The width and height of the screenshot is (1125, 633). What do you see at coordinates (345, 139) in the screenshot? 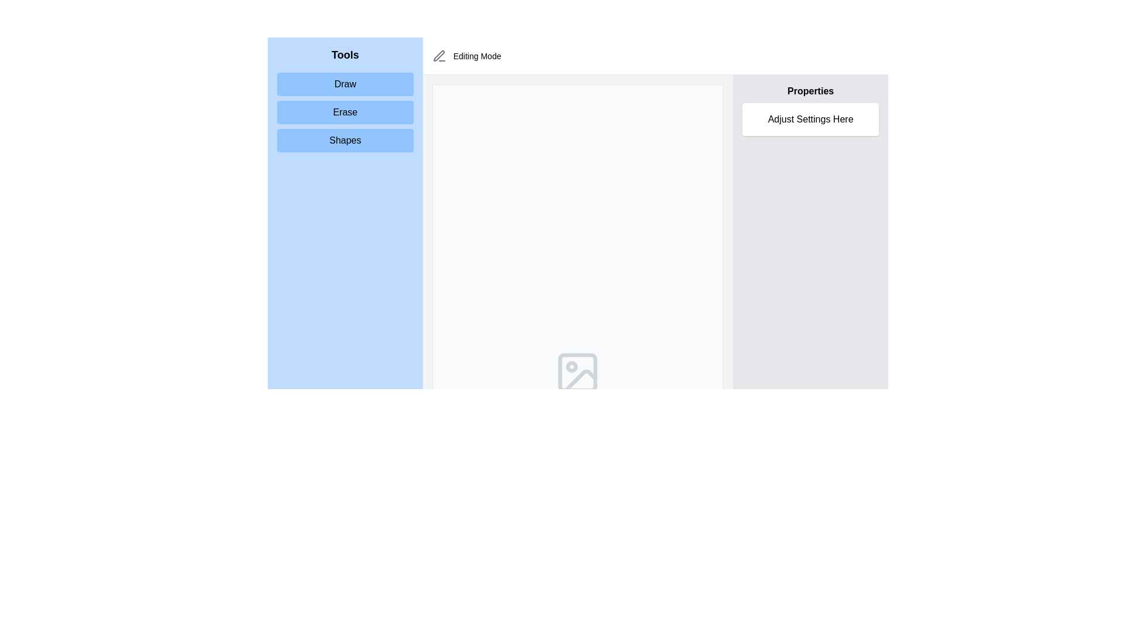
I see `the 'Shapes' button located in the left panel under the heading 'Tools'` at bounding box center [345, 139].